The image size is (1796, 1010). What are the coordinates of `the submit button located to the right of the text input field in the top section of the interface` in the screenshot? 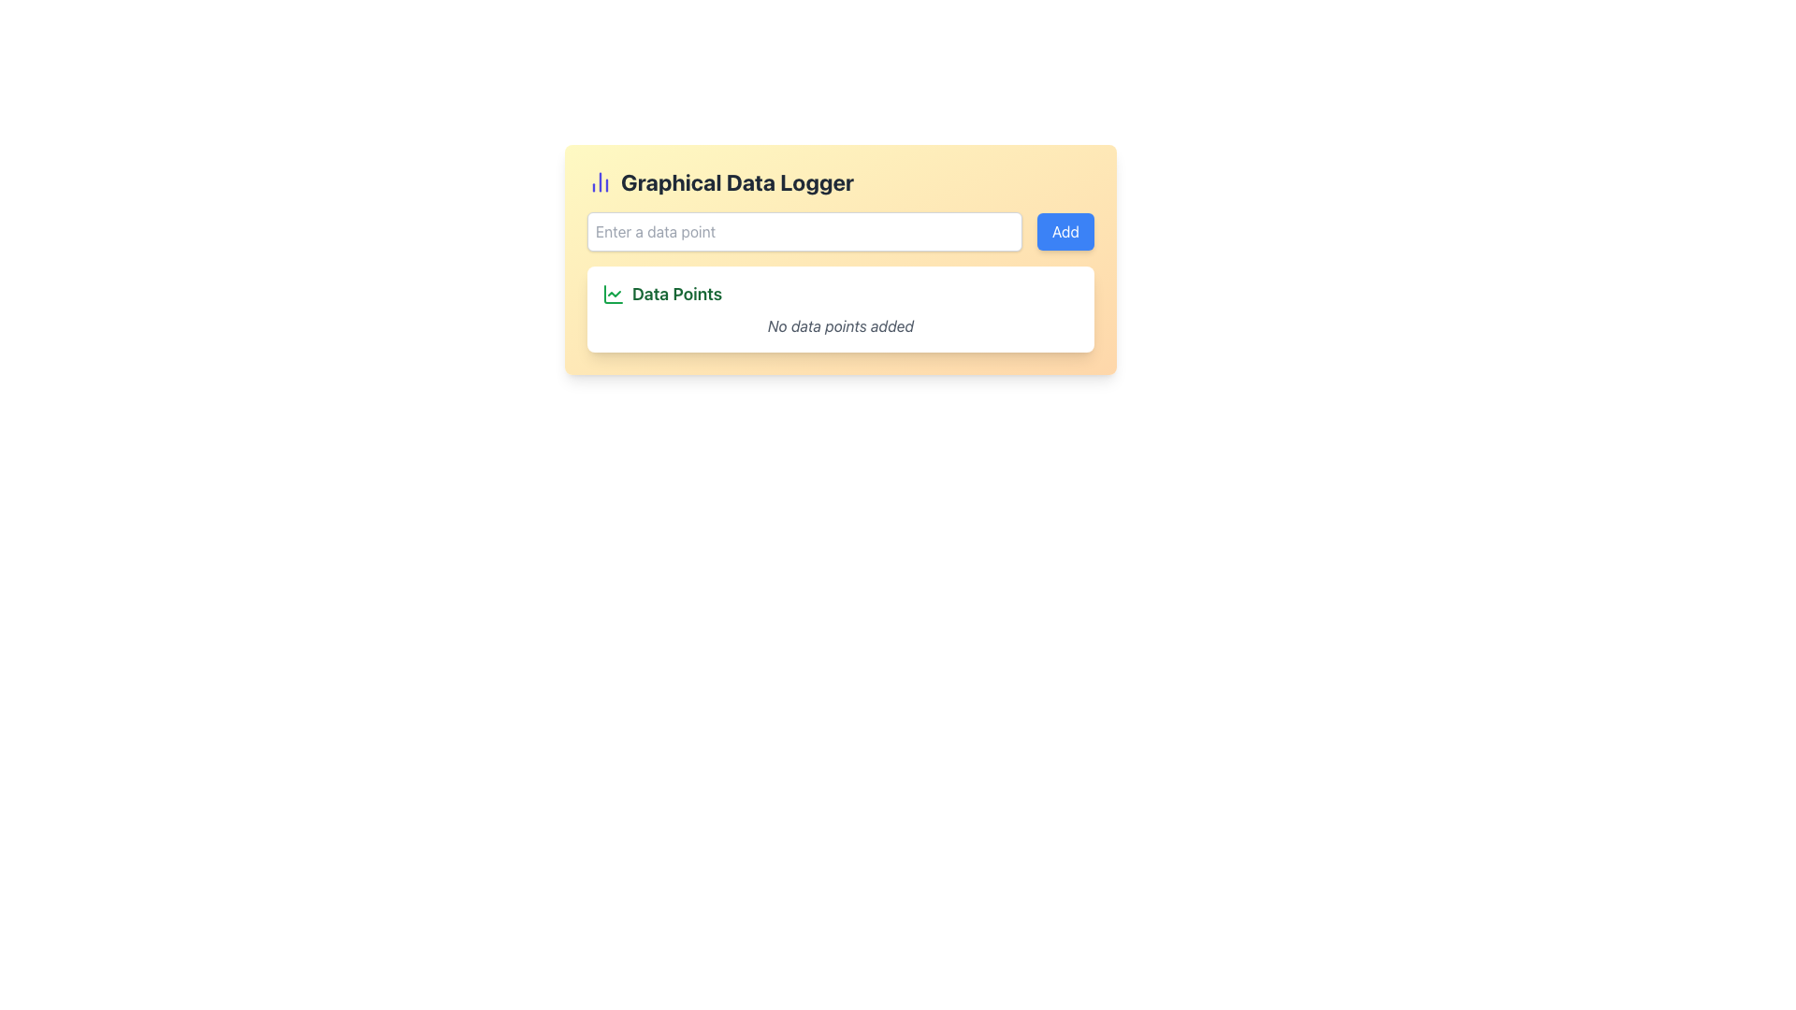 It's located at (1065, 230).